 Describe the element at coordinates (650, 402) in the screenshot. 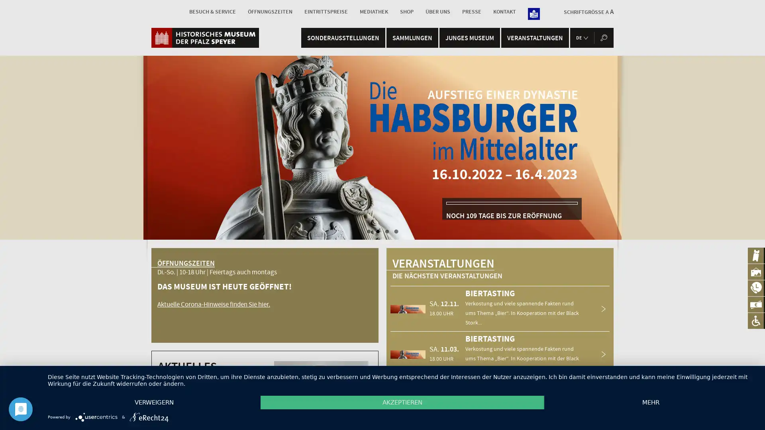

I see `MEHR` at that location.